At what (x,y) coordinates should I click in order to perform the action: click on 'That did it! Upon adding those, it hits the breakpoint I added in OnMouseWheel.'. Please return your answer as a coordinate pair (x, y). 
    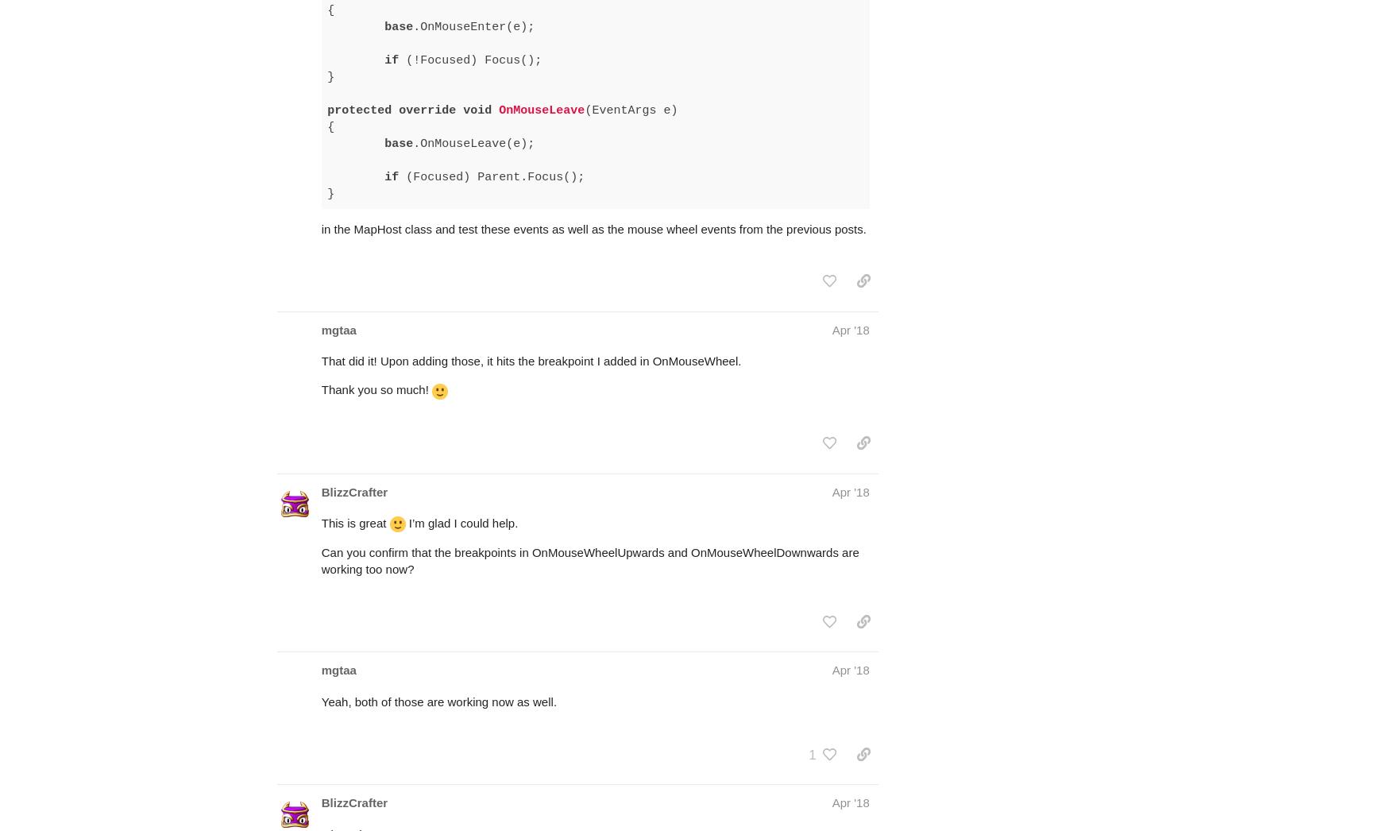
    Looking at the image, I should click on (530, 299).